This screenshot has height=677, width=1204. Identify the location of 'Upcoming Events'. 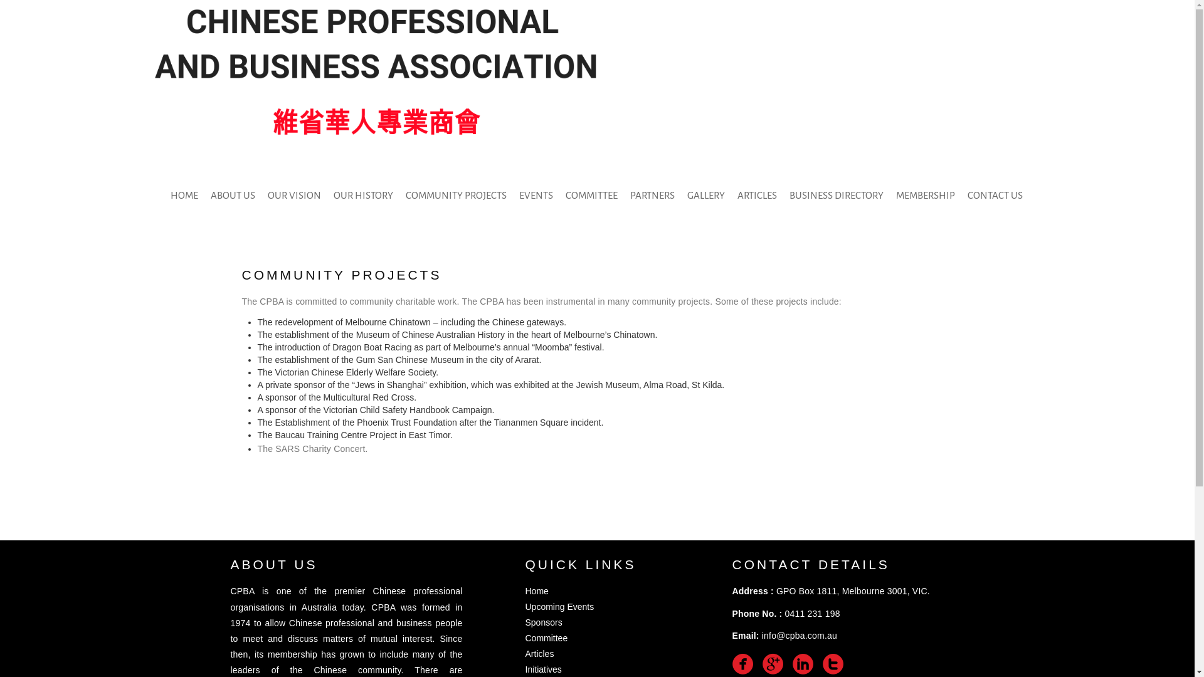
(559, 606).